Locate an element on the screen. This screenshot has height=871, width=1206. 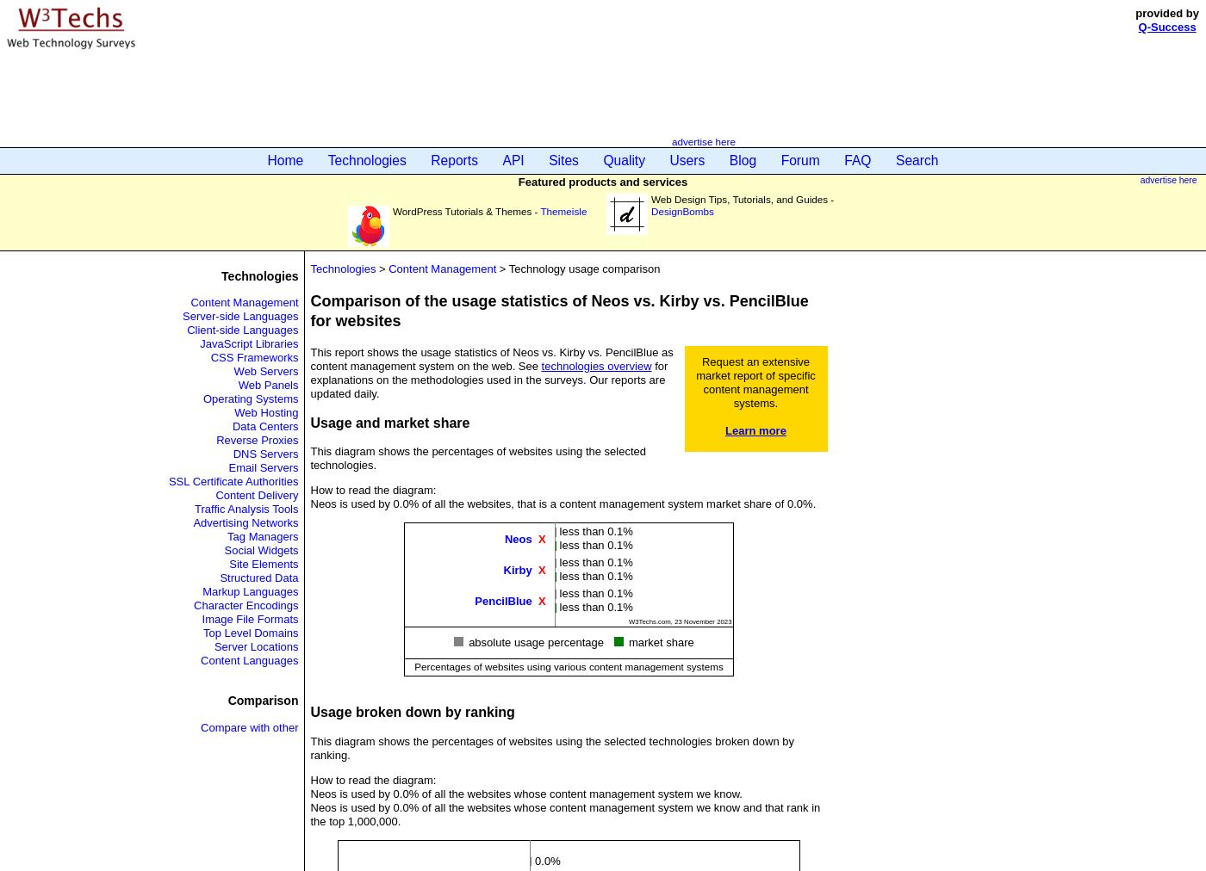
'Neos is used by 0.0% of all the websites whose content management system we know.' is located at coordinates (309, 793).